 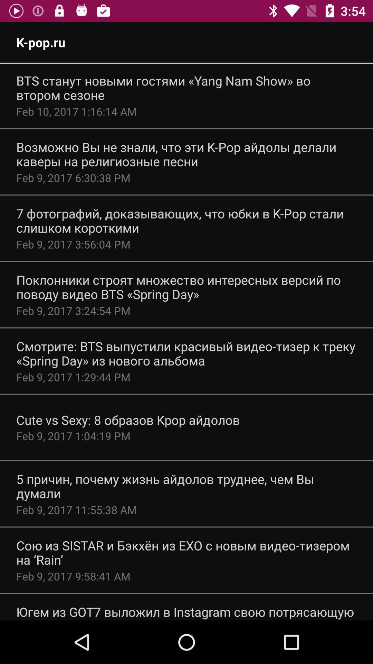 I want to click on icon above the feb 9 2017 item, so click(x=186, y=220).